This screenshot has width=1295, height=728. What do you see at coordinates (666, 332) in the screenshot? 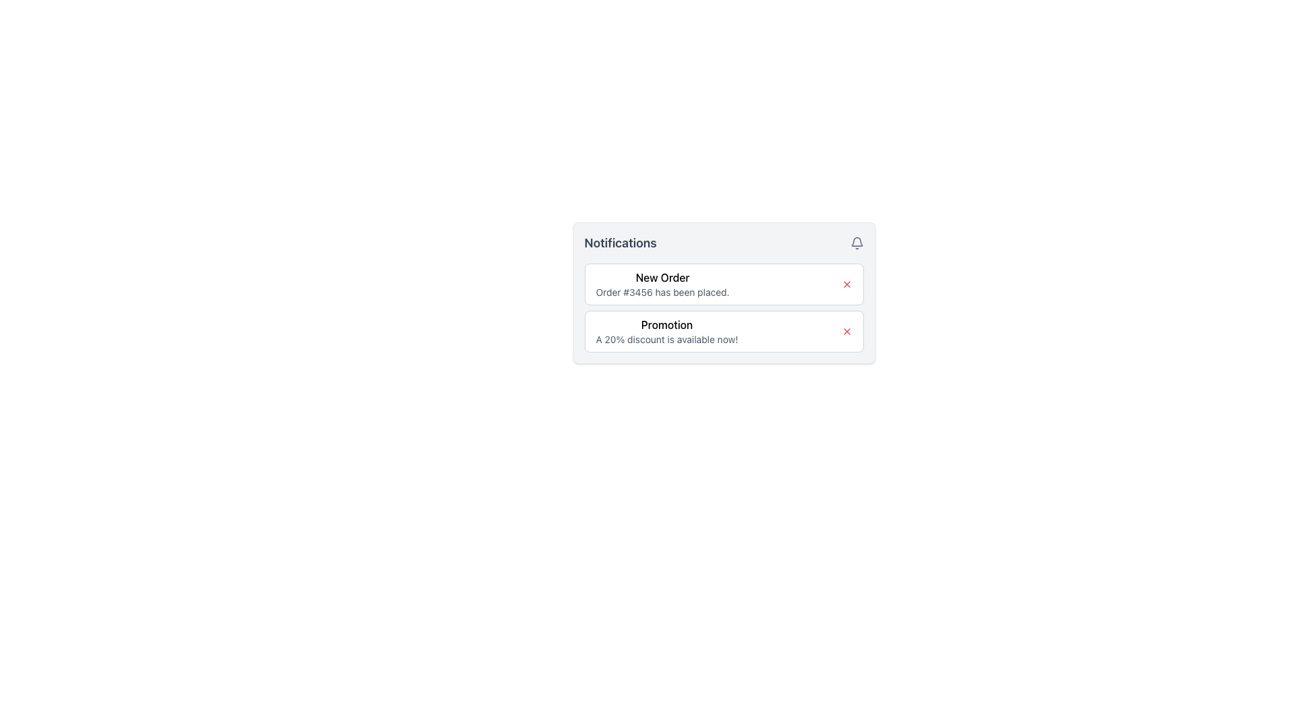
I see `the Text component with the bold header 'Promotion' and the descriptive text 'A 20% discount is available now!' located in the second notification entry under the 'Notifications' panel` at bounding box center [666, 332].